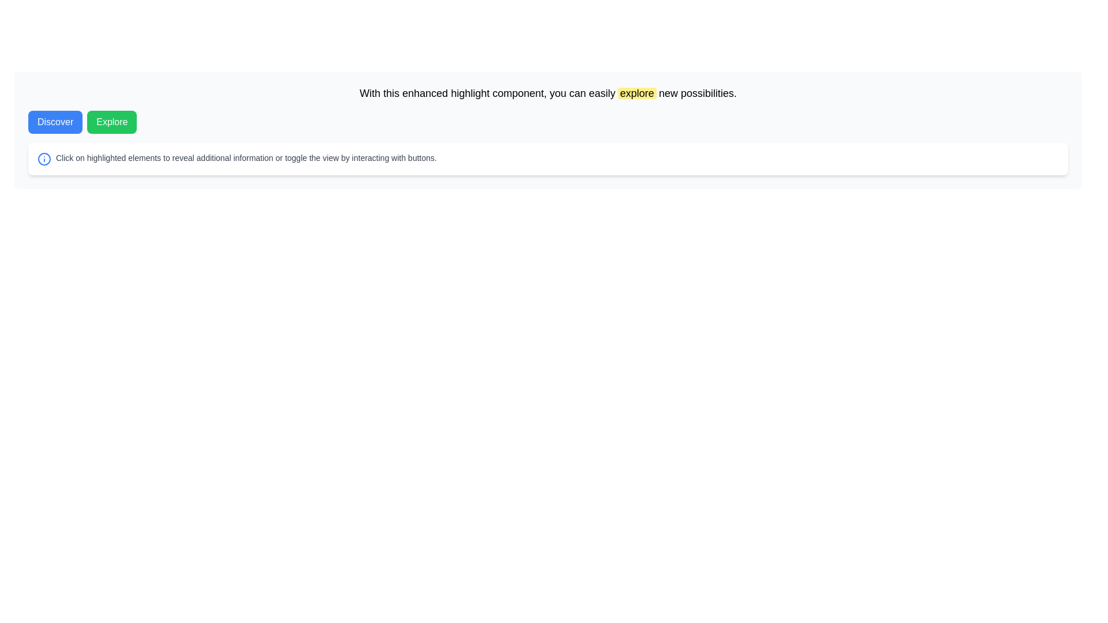 Image resolution: width=1108 pixels, height=623 pixels. I want to click on the large font single-line text block that says 'With this enhanced highlight component, you can easily explore new possibilities.' located above the buttons labeled 'Discover' and 'Explore', so click(548, 93).